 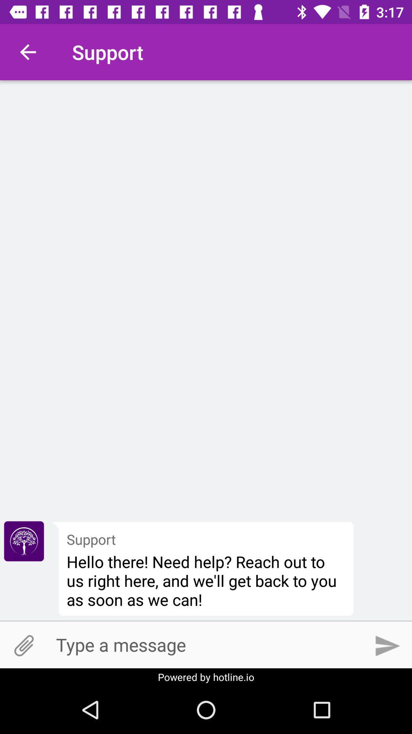 What do you see at coordinates (23, 541) in the screenshot?
I see `icon to the left of the support item` at bounding box center [23, 541].